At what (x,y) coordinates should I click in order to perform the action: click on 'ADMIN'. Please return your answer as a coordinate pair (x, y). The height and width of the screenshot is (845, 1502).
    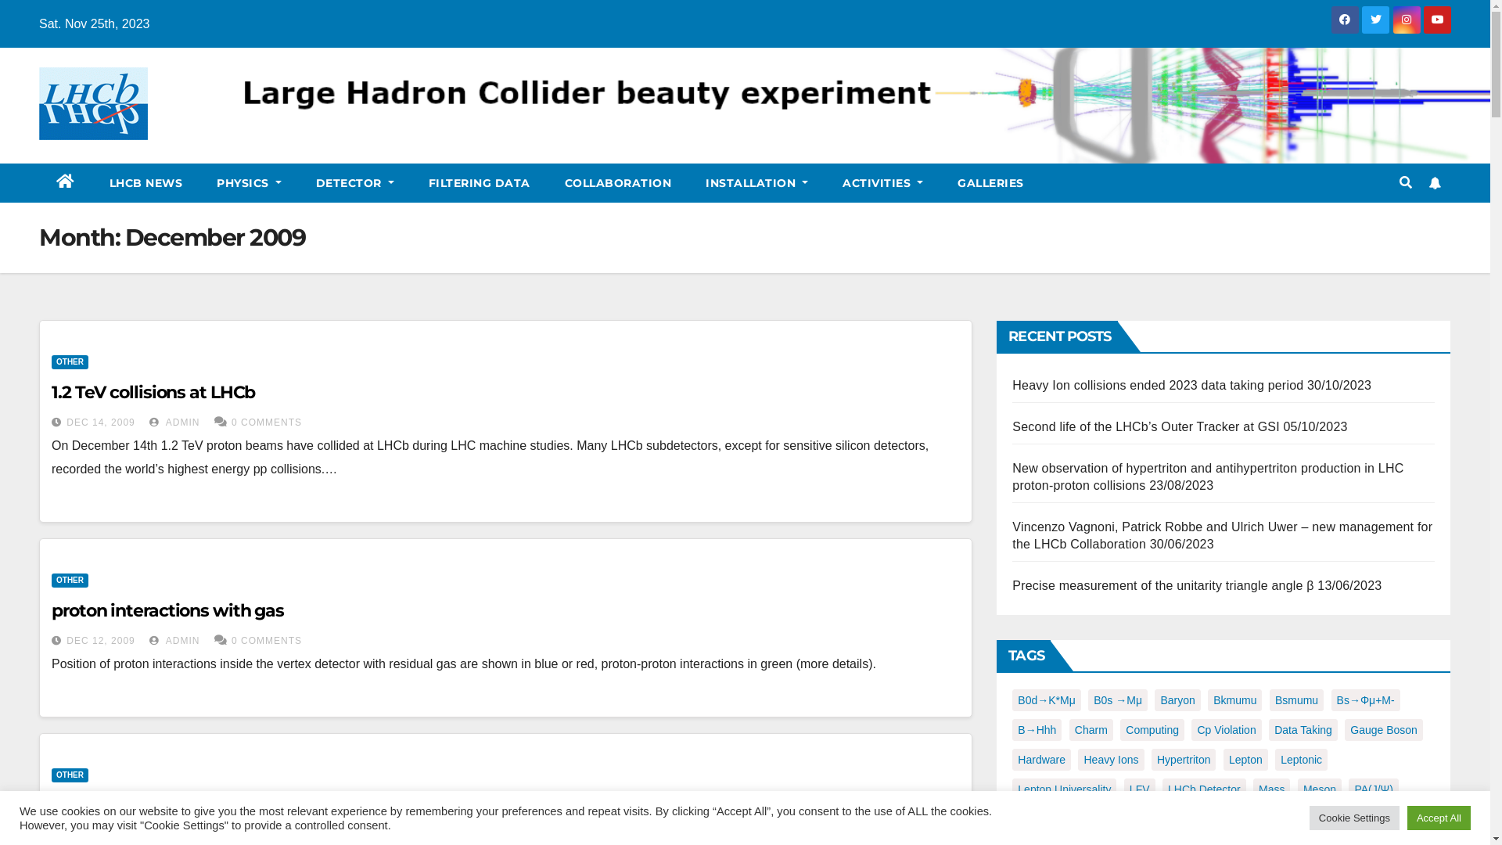
    Looking at the image, I should click on (174, 422).